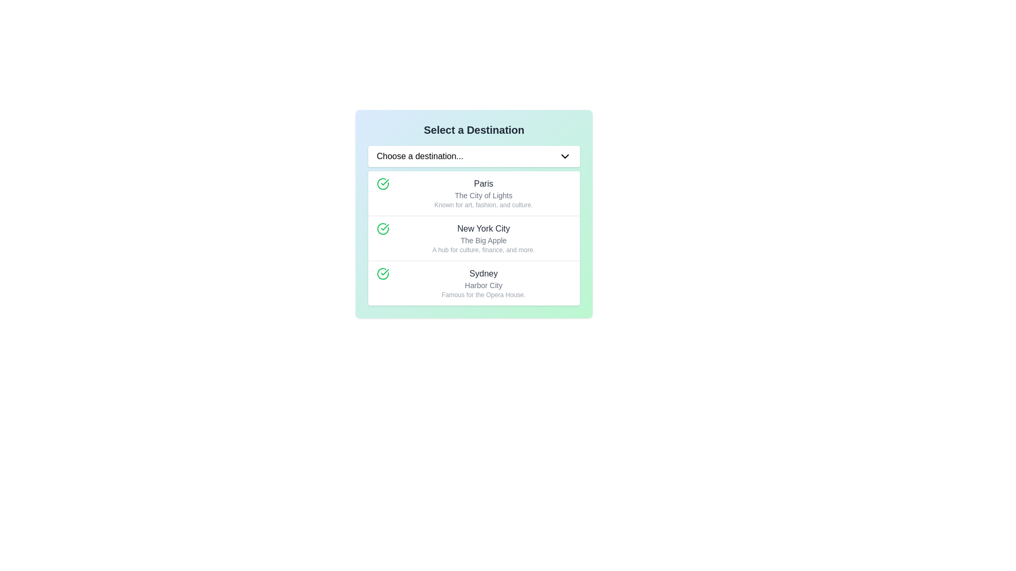  What do you see at coordinates (474, 194) in the screenshot?
I see `the first list item displaying 'Paris' with the tagline 'The City of Lights' and description 'Known for art, fashion, and culture.'` at bounding box center [474, 194].